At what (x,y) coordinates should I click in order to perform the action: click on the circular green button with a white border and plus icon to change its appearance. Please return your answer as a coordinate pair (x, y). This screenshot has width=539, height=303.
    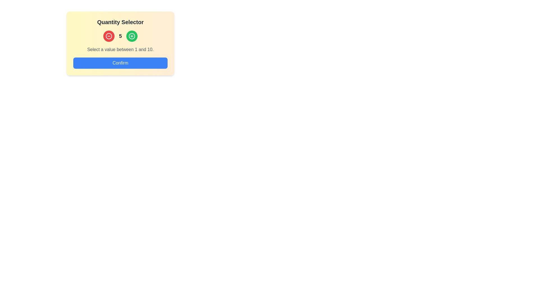
    Looking at the image, I should click on (132, 36).